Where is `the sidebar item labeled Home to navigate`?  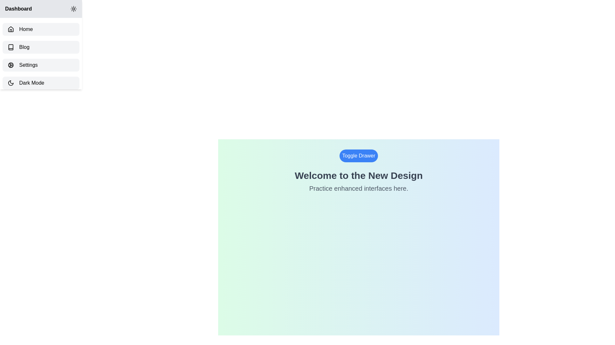 the sidebar item labeled Home to navigate is located at coordinates (41, 29).